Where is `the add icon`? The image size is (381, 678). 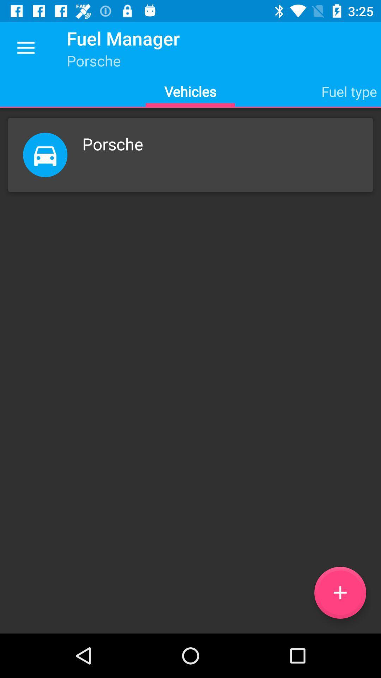 the add icon is located at coordinates (340, 593).